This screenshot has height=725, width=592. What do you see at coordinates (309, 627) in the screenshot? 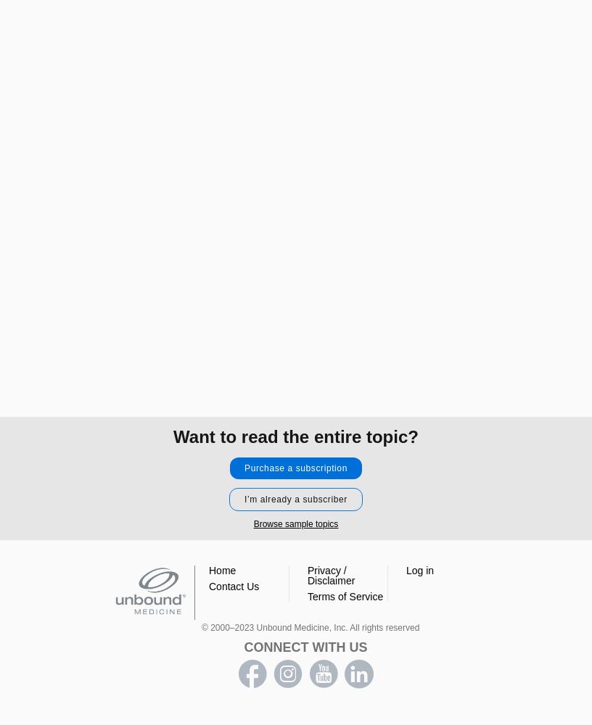
I see `'© 2000–2023 Unbound Medicine, Inc. All rights reserved'` at bounding box center [309, 627].